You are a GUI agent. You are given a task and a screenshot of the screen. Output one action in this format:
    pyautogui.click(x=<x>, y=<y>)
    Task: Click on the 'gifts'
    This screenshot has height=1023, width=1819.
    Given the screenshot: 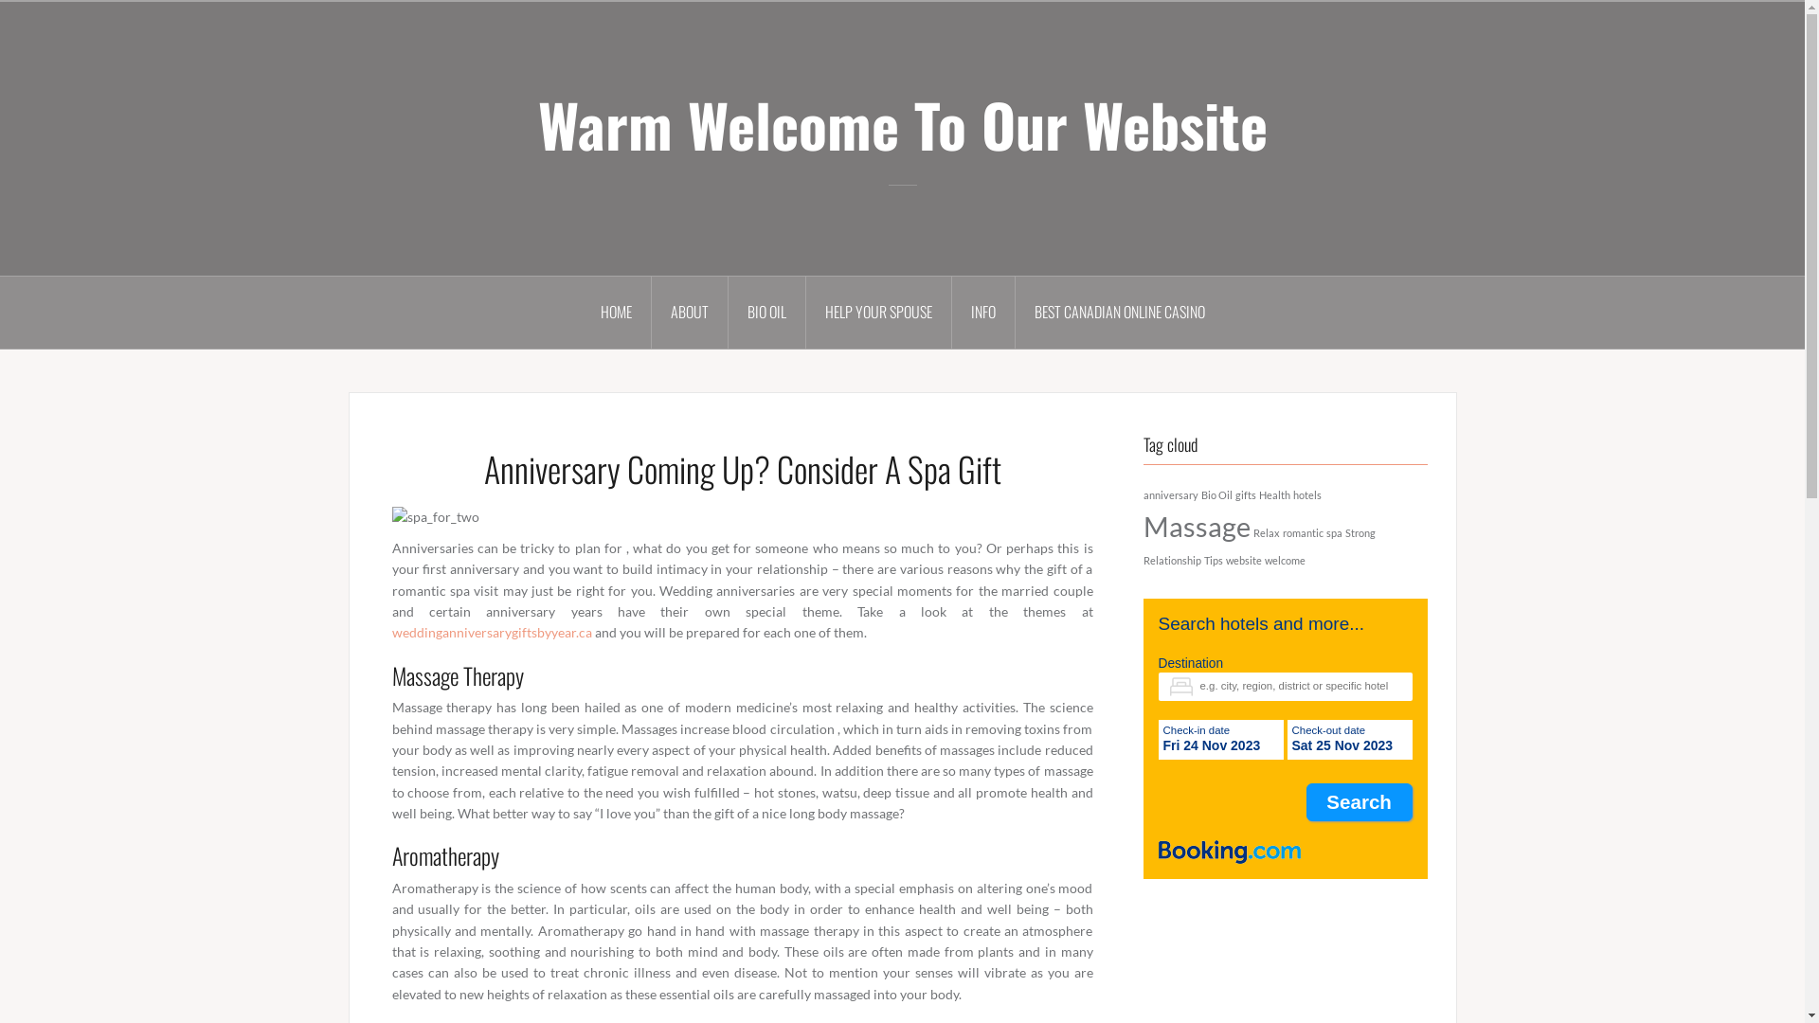 What is the action you would take?
    pyautogui.click(x=1246, y=494)
    